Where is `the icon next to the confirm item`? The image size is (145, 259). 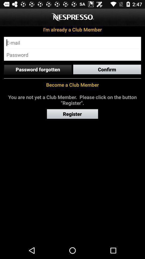 the icon next to the confirm item is located at coordinates (37, 69).